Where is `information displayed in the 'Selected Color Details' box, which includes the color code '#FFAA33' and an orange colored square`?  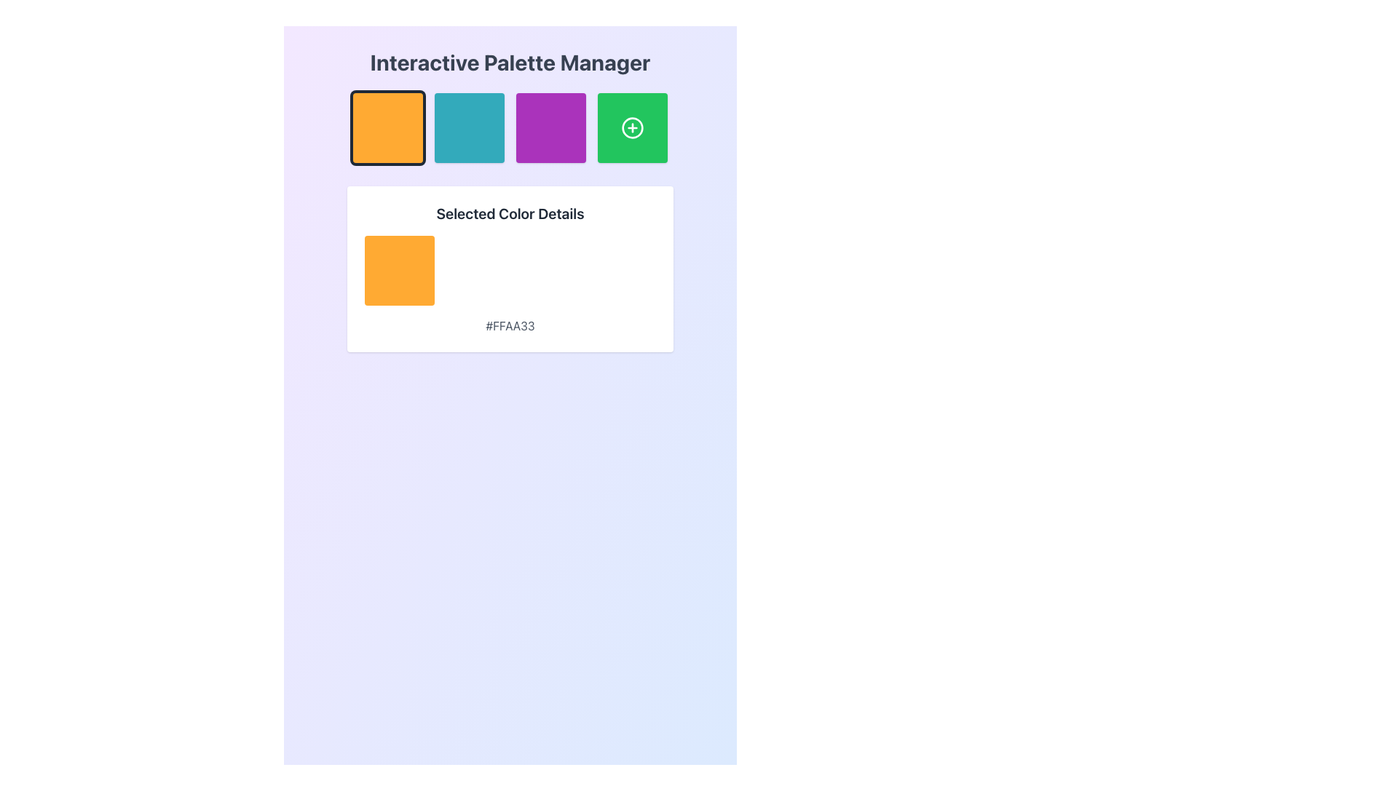
information displayed in the 'Selected Color Details' box, which includes the color code '#FFAA33' and an orange colored square is located at coordinates (510, 269).